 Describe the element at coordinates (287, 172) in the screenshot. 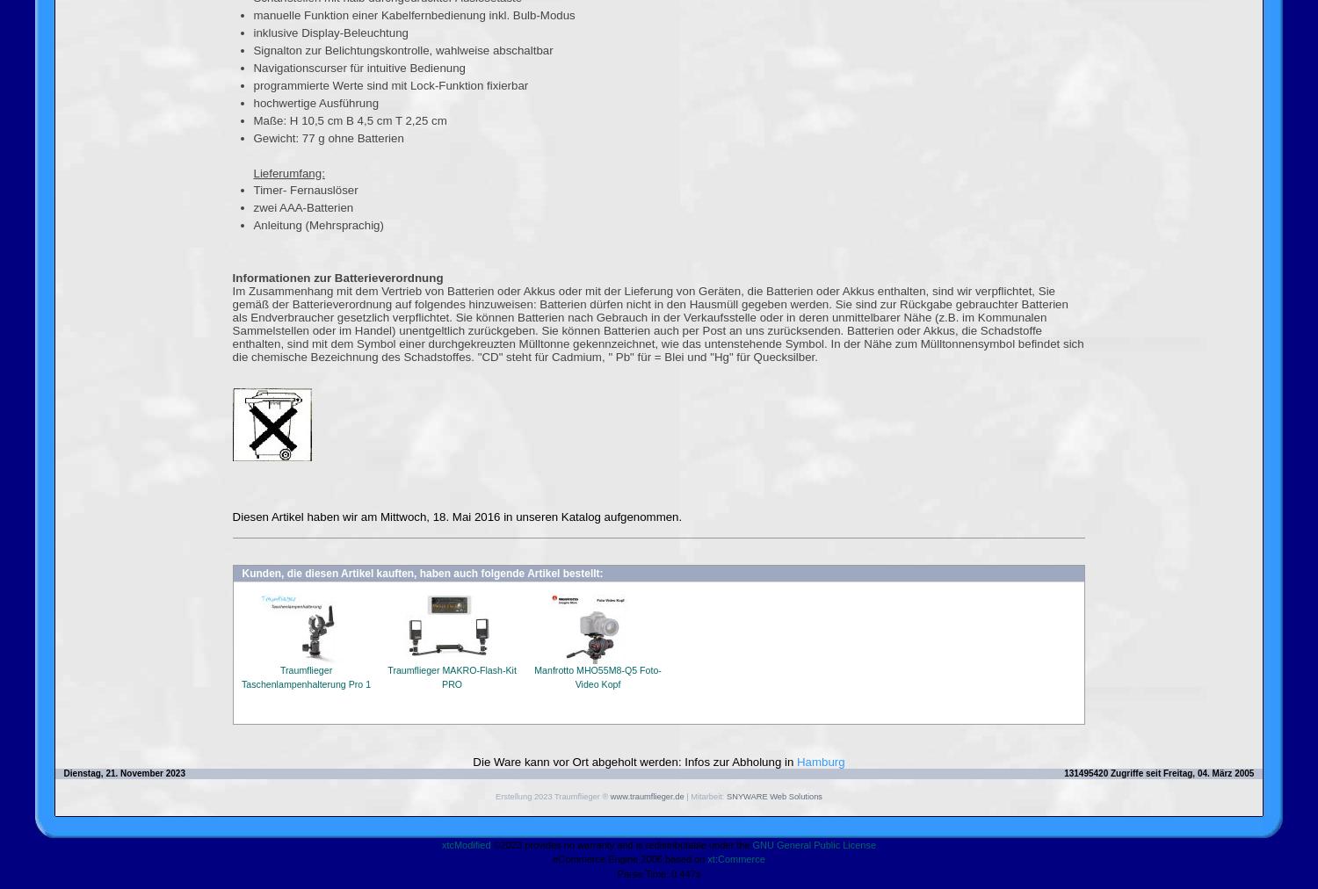

I see `'Lieferumfang:'` at that location.